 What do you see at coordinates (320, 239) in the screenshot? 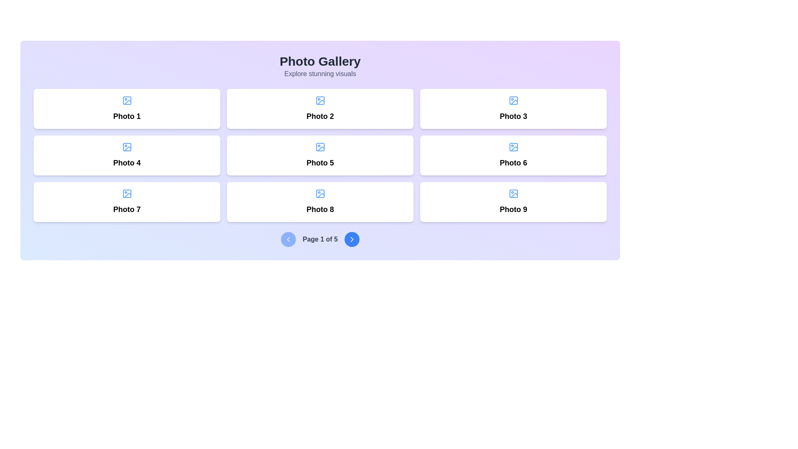
I see `the text label displaying 'Page 1 of 5' in the pagination controls at the bottom center of the page` at bounding box center [320, 239].